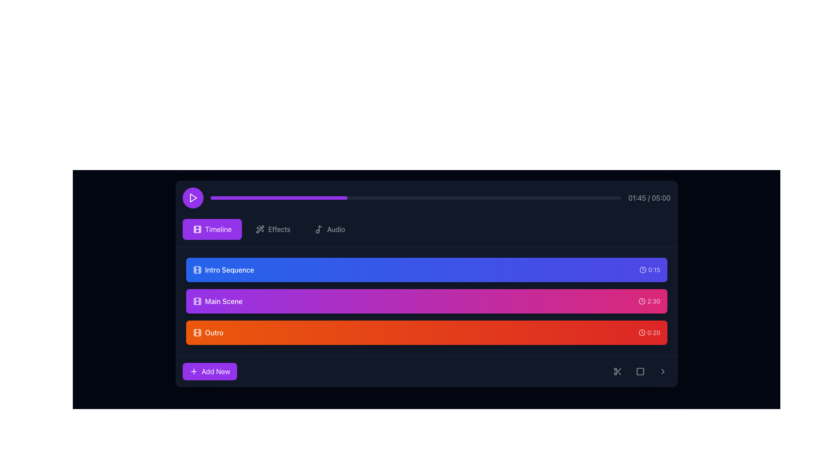 The height and width of the screenshot is (471, 837). What do you see at coordinates (214, 333) in the screenshot?
I see `the 'Outro' label, which is the third item in the vertical list of sequences, positioned below 'Main Scene' and above the '+ Add New' button` at bounding box center [214, 333].